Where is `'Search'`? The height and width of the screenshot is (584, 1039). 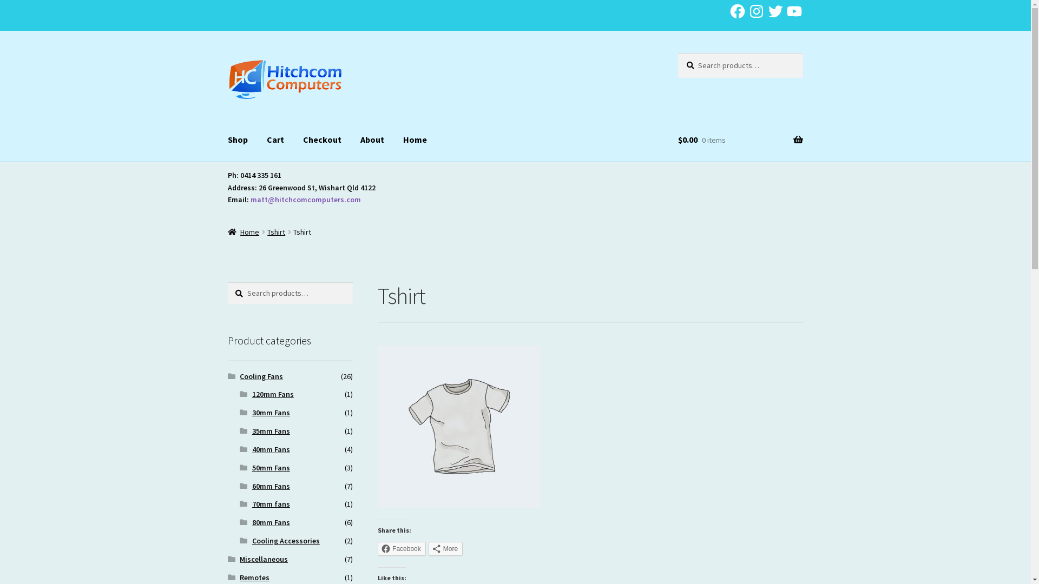
'Search' is located at coordinates (677, 52).